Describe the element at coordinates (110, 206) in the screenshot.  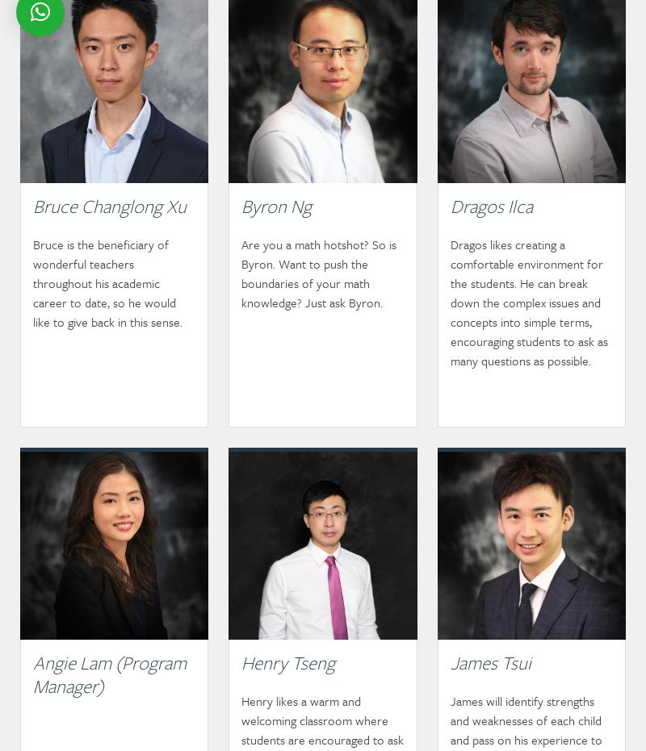
I see `'Bruce Changlong Xu'` at that location.